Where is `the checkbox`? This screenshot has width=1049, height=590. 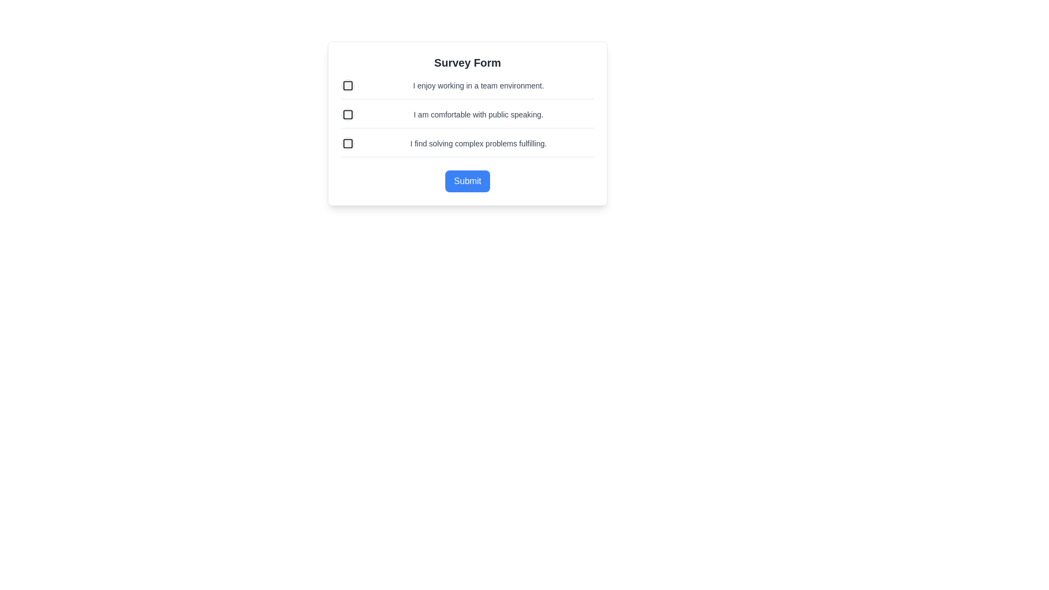
the checkbox is located at coordinates (347, 143).